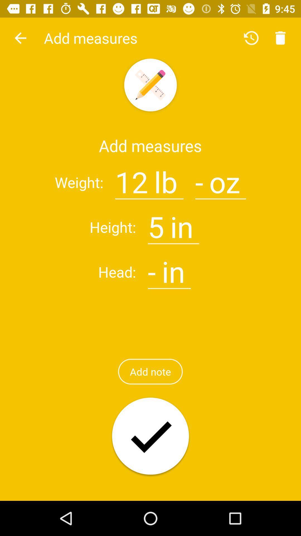 Image resolution: width=301 pixels, height=536 pixels. Describe the element at coordinates (156, 224) in the screenshot. I see `the icon next to in icon` at that location.